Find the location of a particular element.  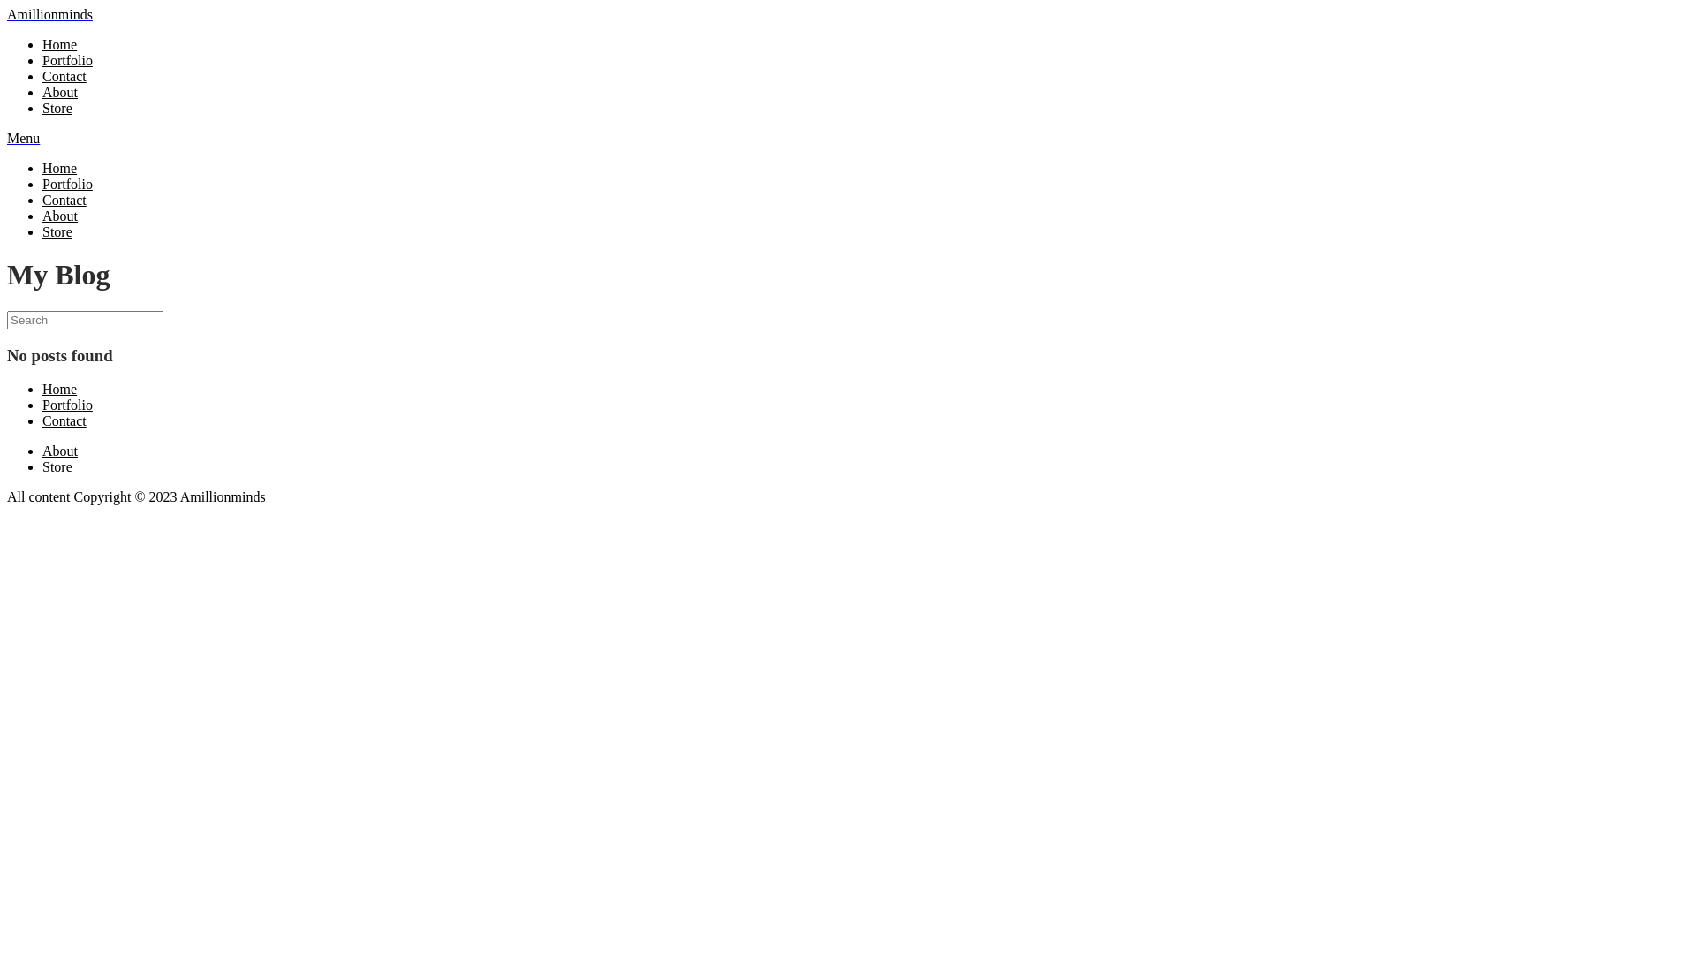

'Menu' is located at coordinates (23, 137).